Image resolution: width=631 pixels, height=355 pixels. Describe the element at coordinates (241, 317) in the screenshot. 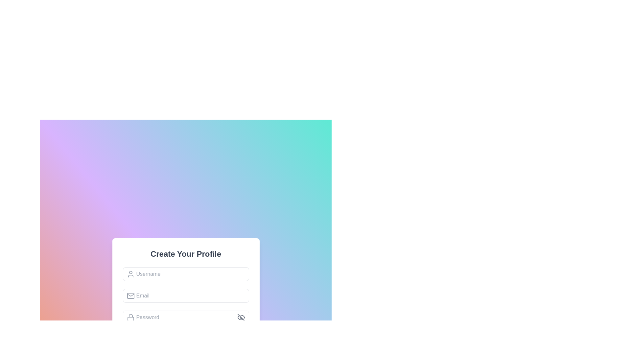

I see `the button located at the right side of the password input field` at that location.